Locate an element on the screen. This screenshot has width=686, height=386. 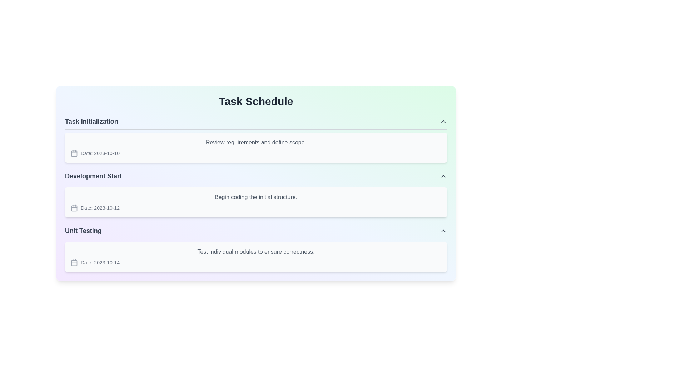
the central square component within the SVG-based calendar icon, located in the second row under the 'Development Start' section is located at coordinates (74, 208).